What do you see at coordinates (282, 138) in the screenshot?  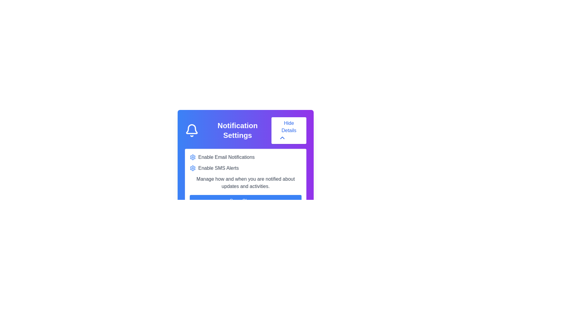 I see `the arrow icon located at the top-right corner of the notification settings panel` at bounding box center [282, 138].